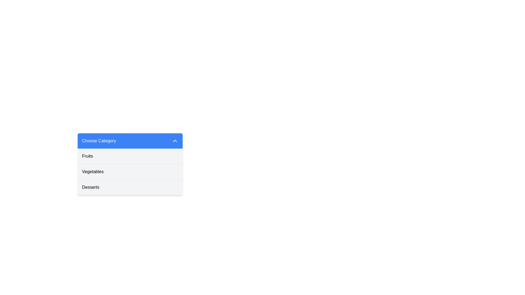 The height and width of the screenshot is (295, 525). What do you see at coordinates (130, 171) in the screenshot?
I see `the 'Vegetables' dropdown menu option to change its background color` at bounding box center [130, 171].